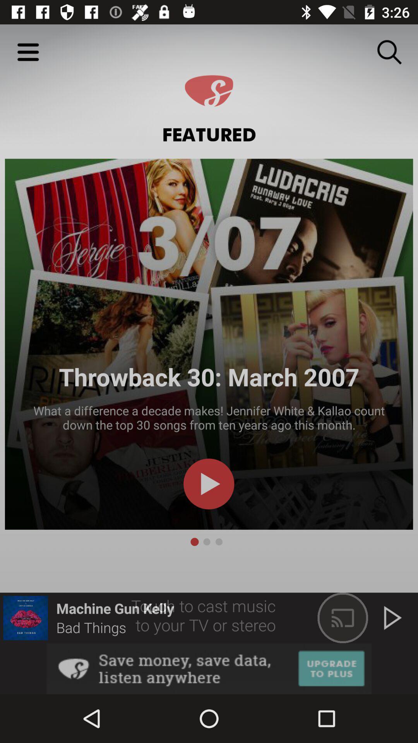 The height and width of the screenshot is (743, 418). Describe the element at coordinates (209, 344) in the screenshot. I see `throwback 30 march 2007` at that location.